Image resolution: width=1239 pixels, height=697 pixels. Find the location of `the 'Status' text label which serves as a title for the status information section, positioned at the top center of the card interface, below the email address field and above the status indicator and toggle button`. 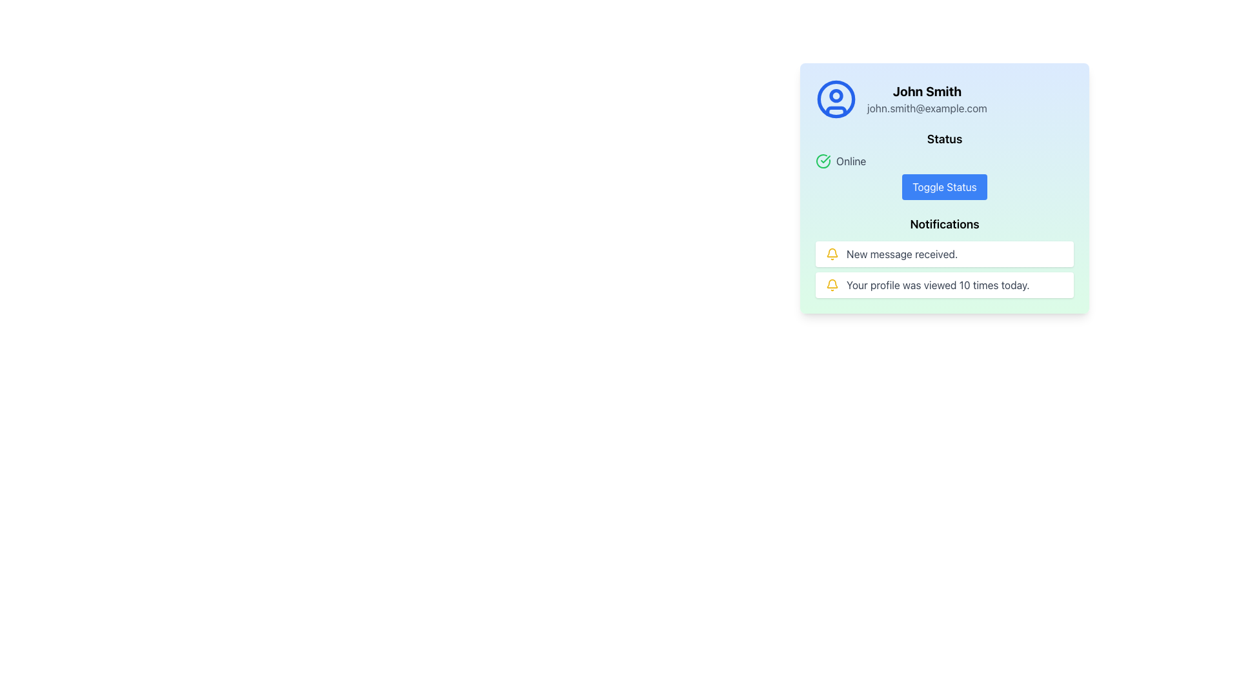

the 'Status' text label which serves as a title for the status information section, positioned at the top center of the card interface, below the email address field and above the status indicator and toggle button is located at coordinates (945, 139).